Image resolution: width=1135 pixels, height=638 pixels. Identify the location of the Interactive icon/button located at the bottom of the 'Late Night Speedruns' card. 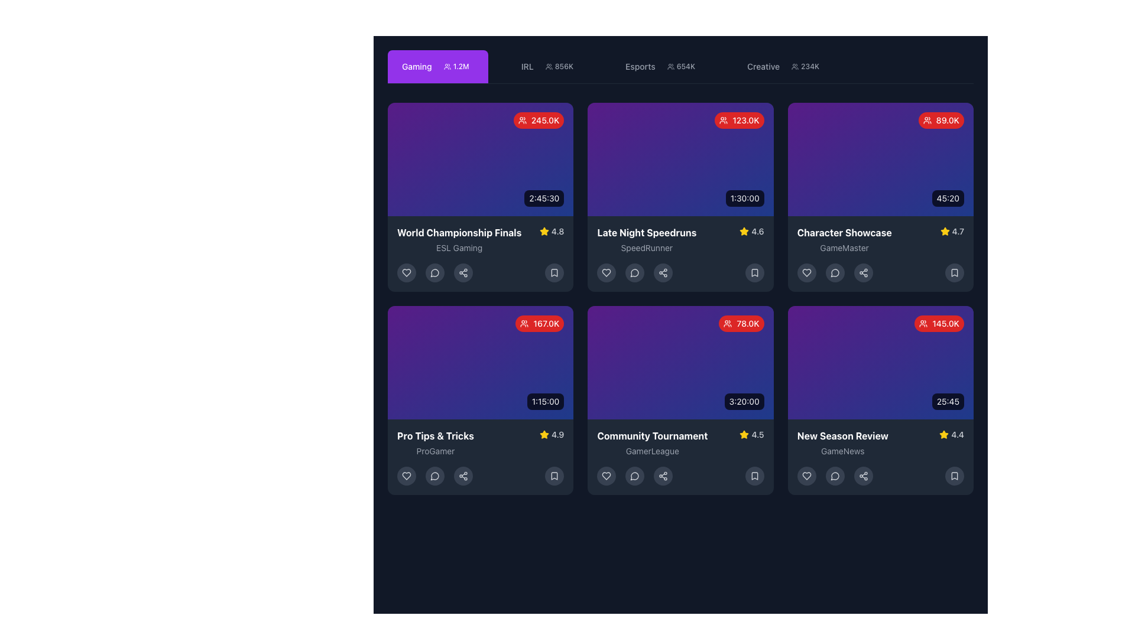
(634, 273).